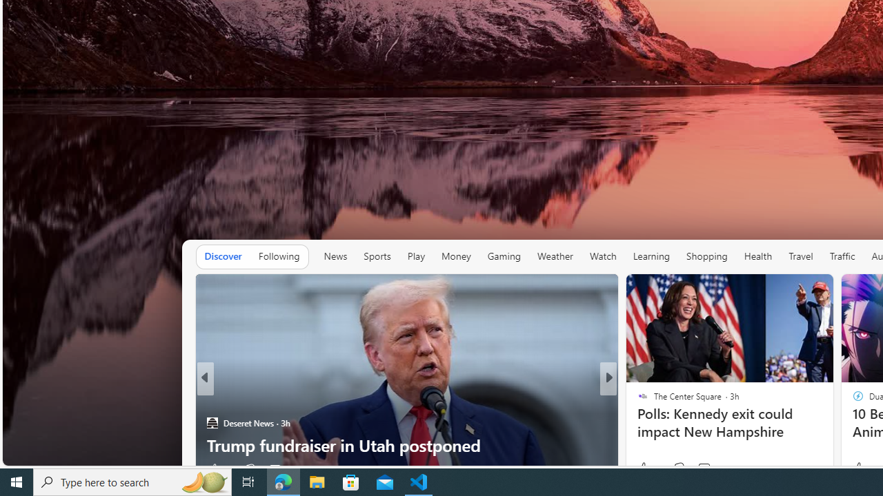 This screenshot has height=496, width=883. Describe the element at coordinates (644, 468) in the screenshot. I see `'51 Like'` at that location.